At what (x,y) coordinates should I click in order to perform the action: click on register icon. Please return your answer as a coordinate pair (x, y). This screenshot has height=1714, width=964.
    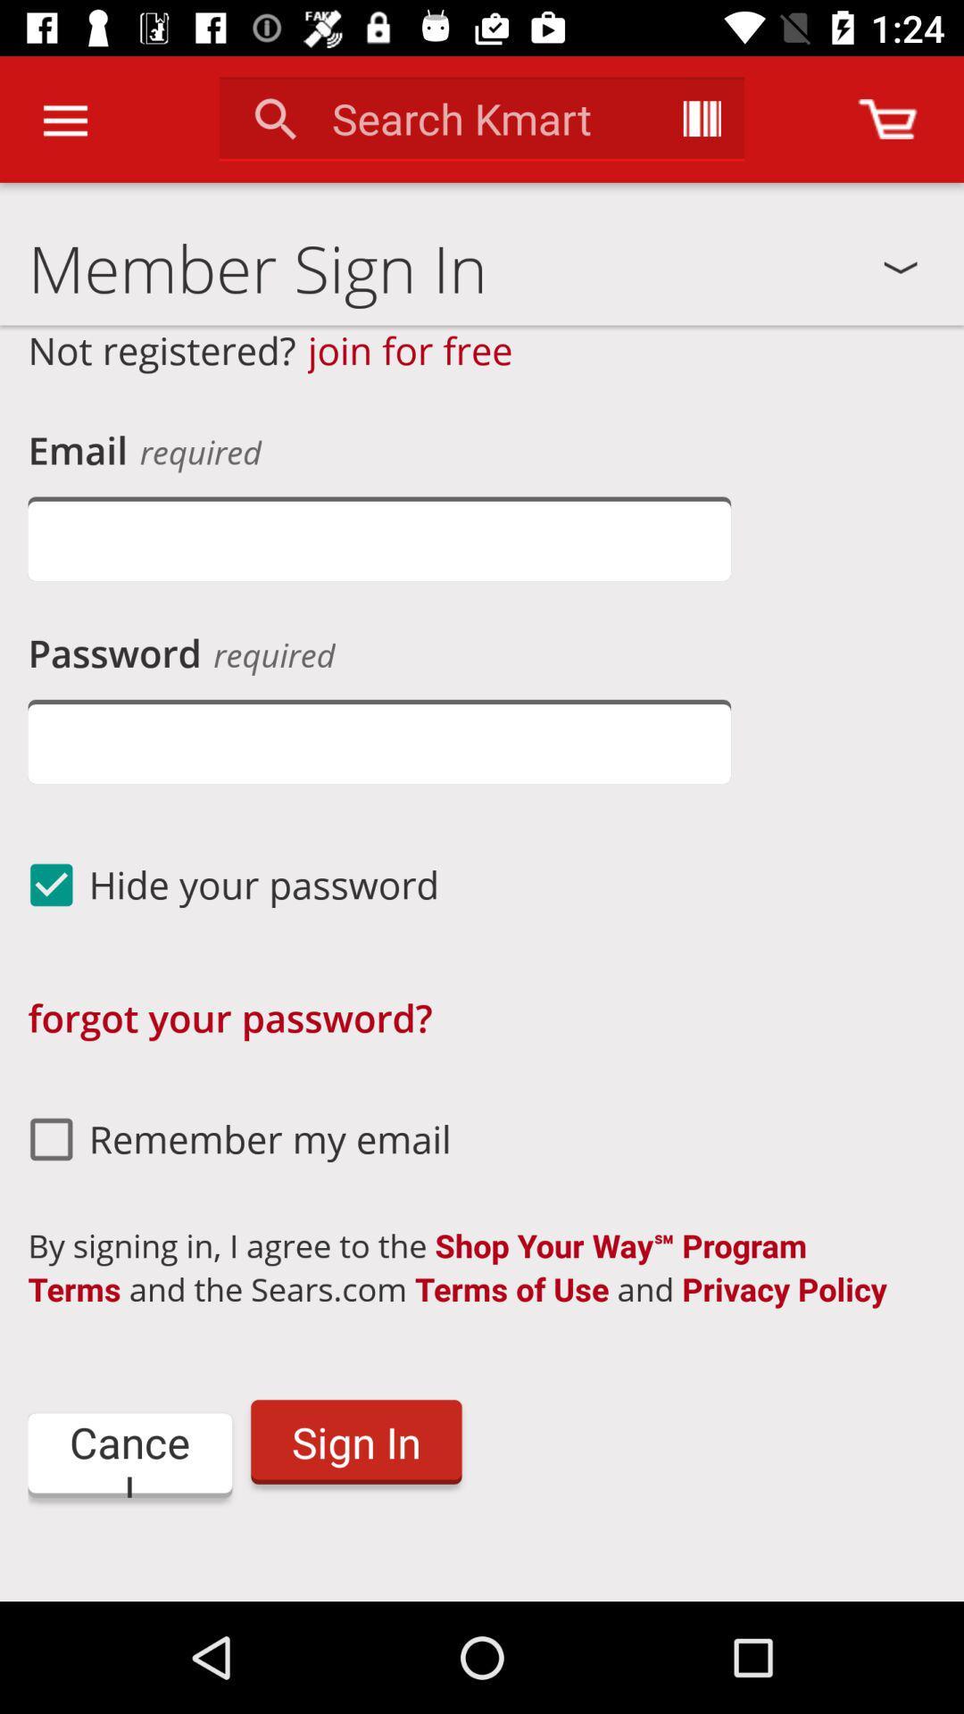
    Looking at the image, I should click on (482, 1579).